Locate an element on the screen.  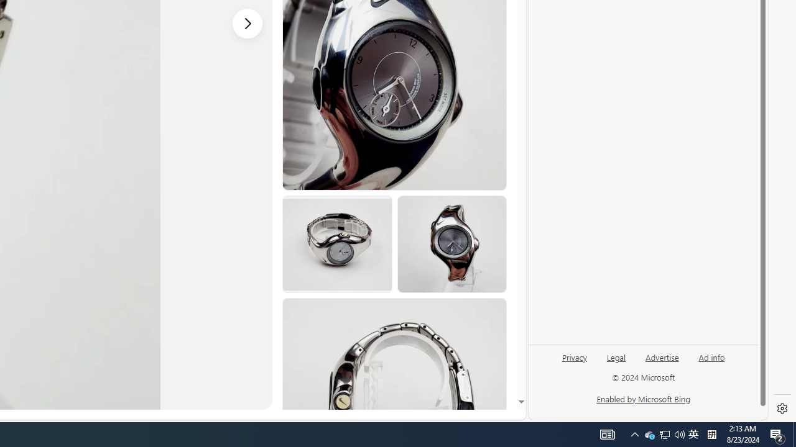
'Privacy' is located at coordinates (573, 356).